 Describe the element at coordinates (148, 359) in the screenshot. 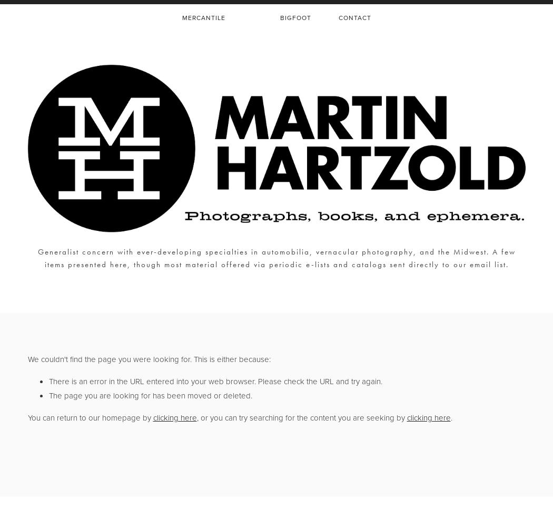

I see `'We couldn't find the page you were looking for. This is either because:'` at that location.